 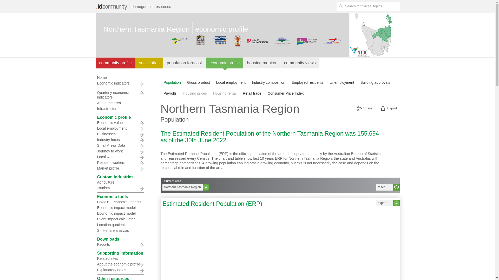 I want to click on 'Employed residents', so click(x=307, y=82).